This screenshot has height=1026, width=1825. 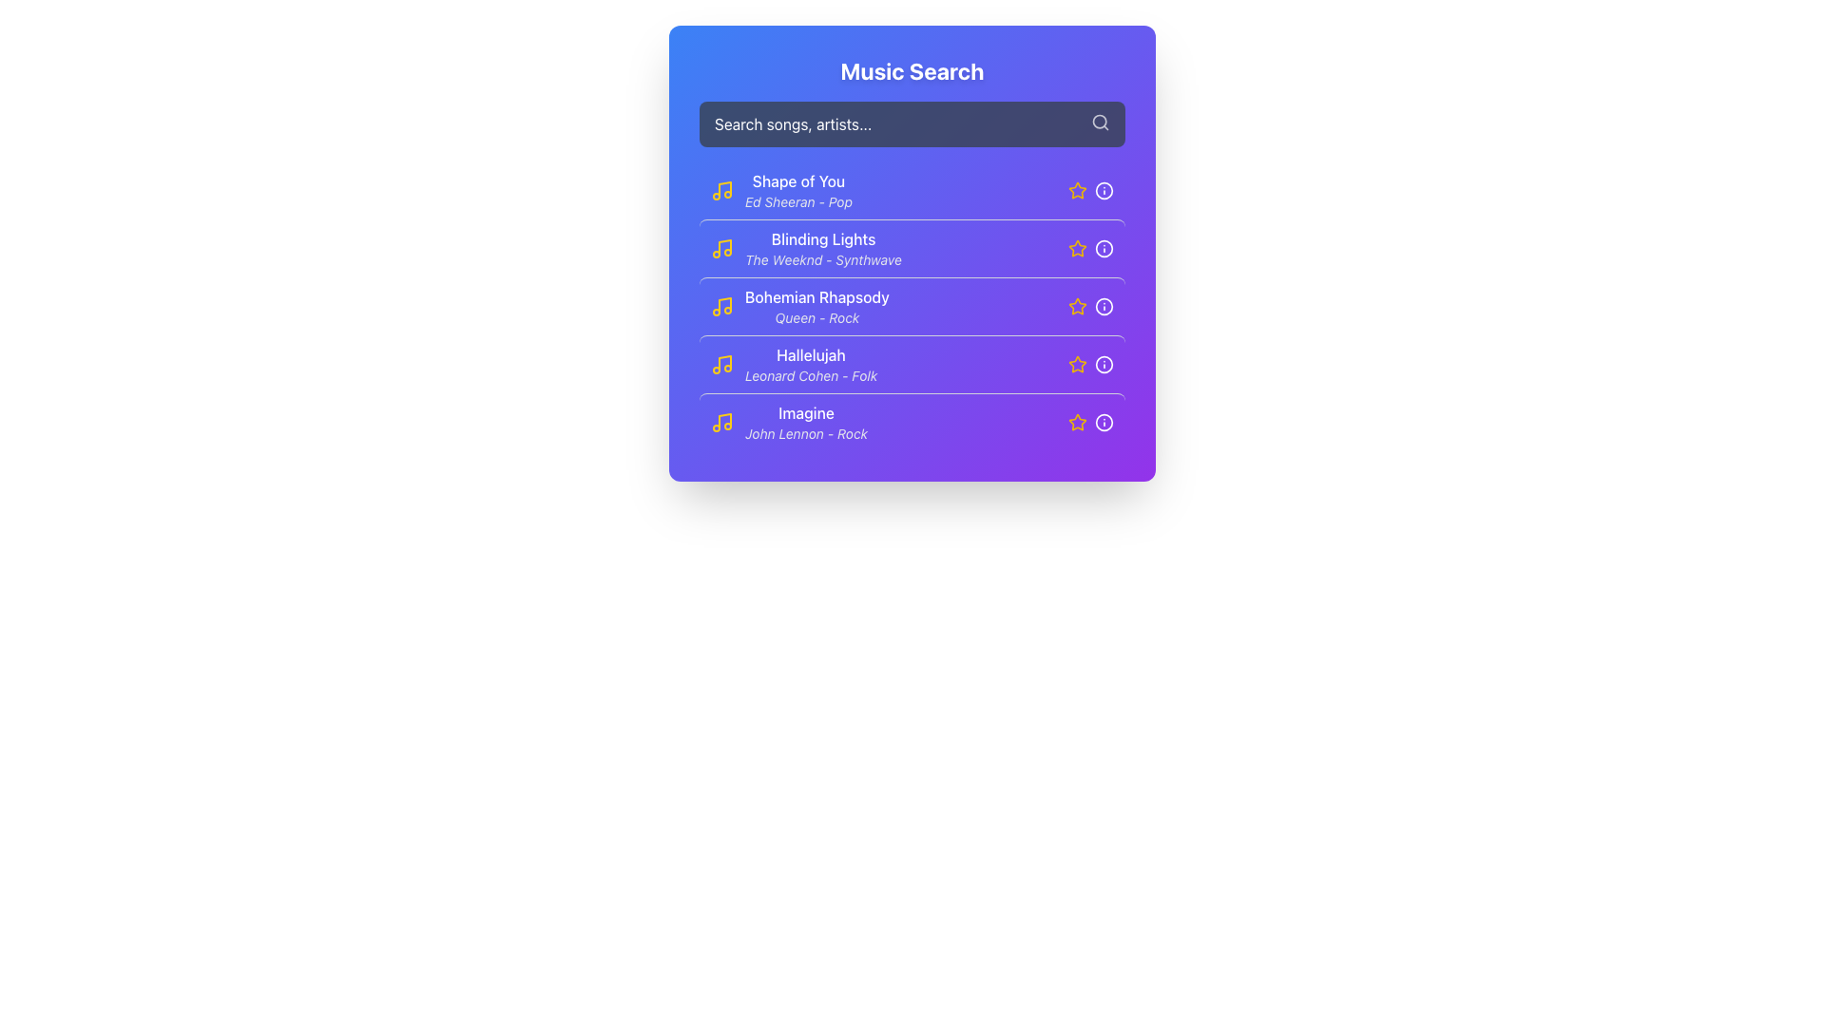 What do you see at coordinates (1076, 363) in the screenshot?
I see `the star-shaped icon with a yellow outline and purple fill to mark the song 'Hallelujah' as a favorite` at bounding box center [1076, 363].